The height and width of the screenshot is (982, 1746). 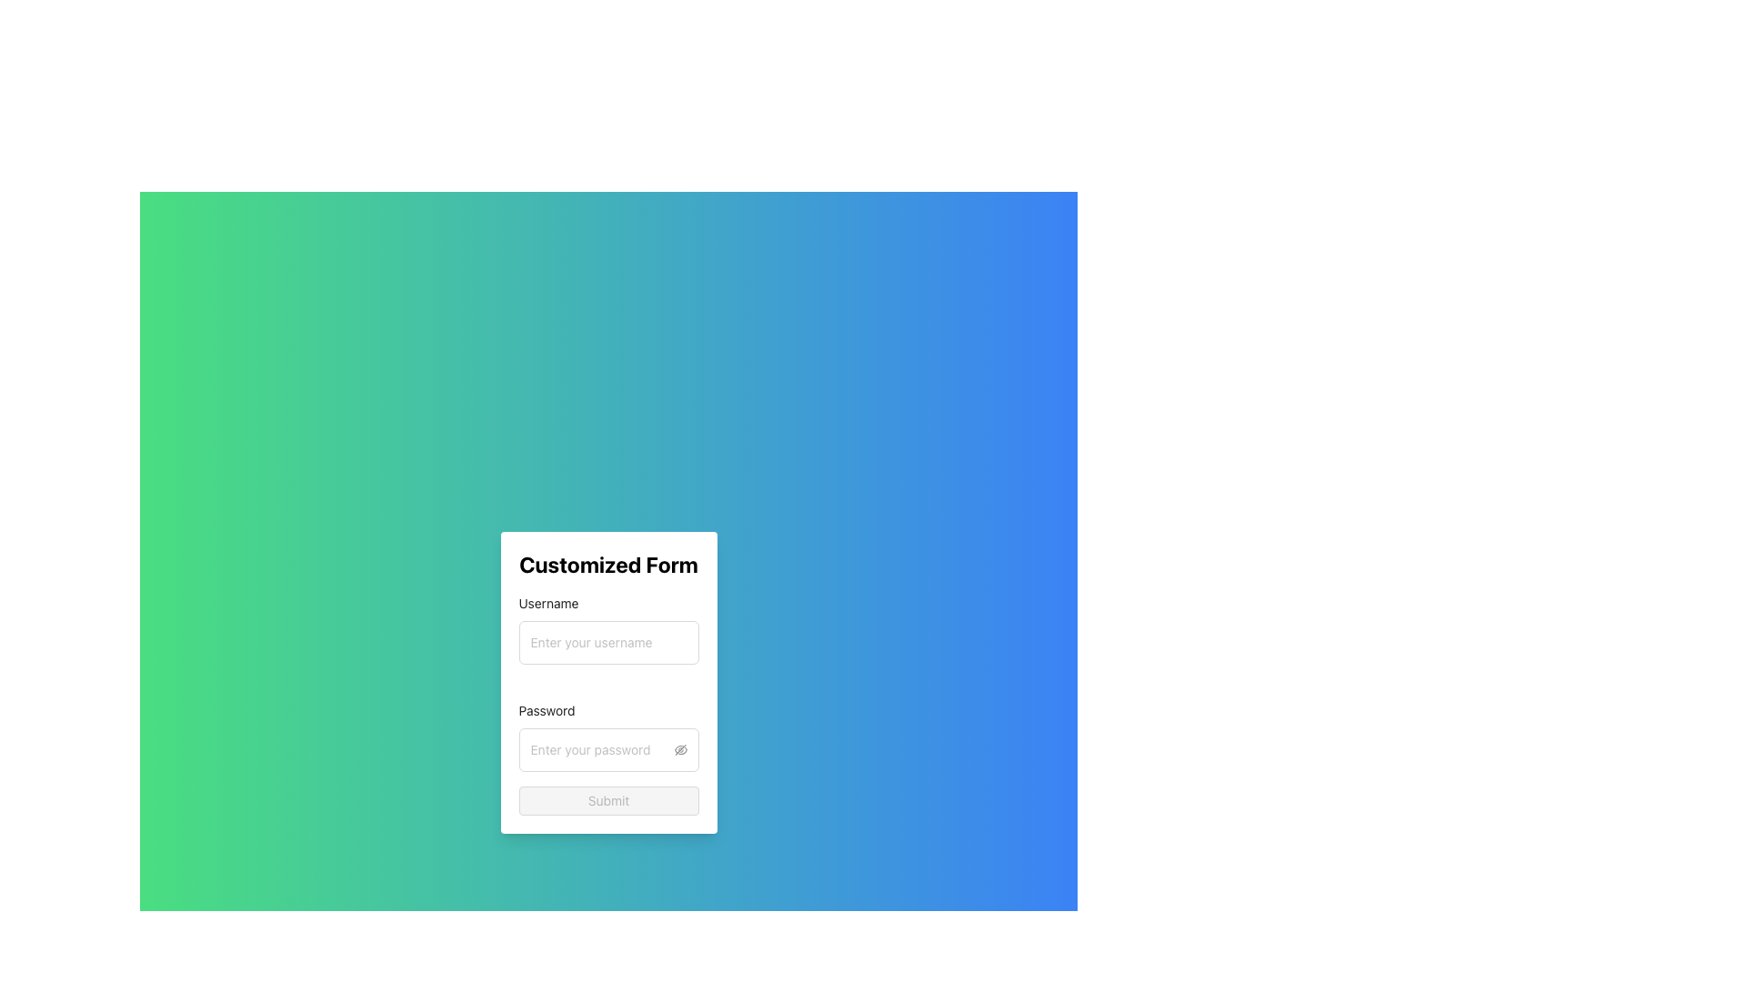 What do you see at coordinates (679, 750) in the screenshot?
I see `the eye icon with a strikethrough line, located within the password input field` at bounding box center [679, 750].